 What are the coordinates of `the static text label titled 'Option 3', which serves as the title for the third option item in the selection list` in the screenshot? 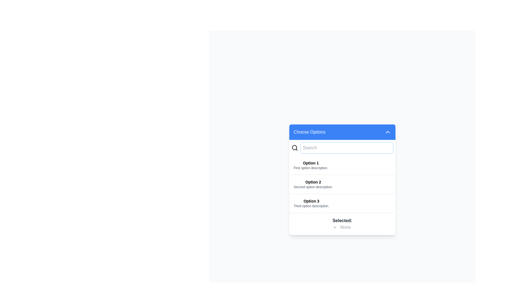 It's located at (311, 201).